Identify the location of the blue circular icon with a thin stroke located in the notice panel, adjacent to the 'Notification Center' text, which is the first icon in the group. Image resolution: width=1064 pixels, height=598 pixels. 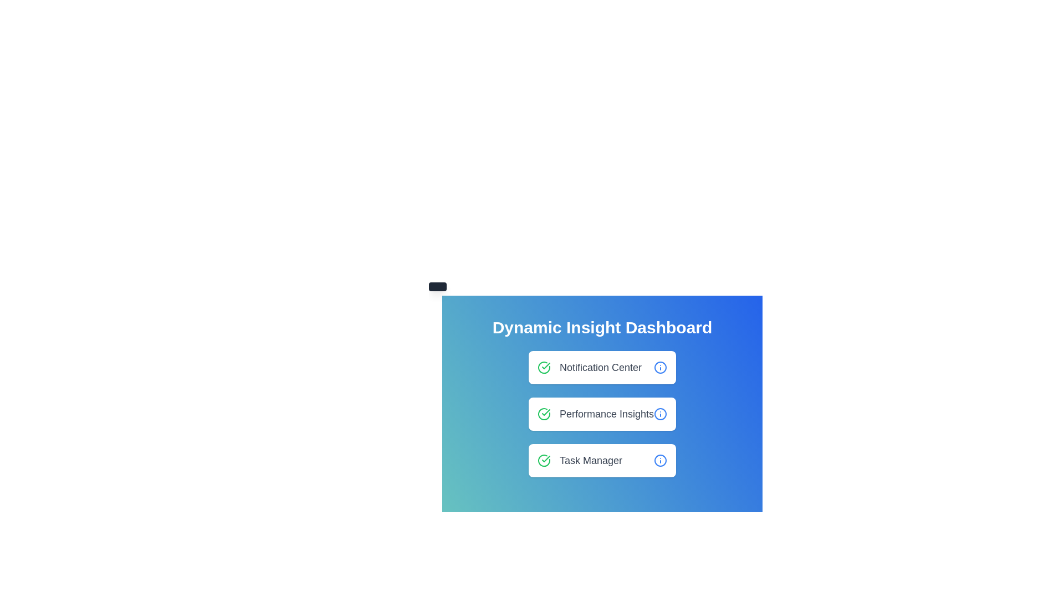
(660, 461).